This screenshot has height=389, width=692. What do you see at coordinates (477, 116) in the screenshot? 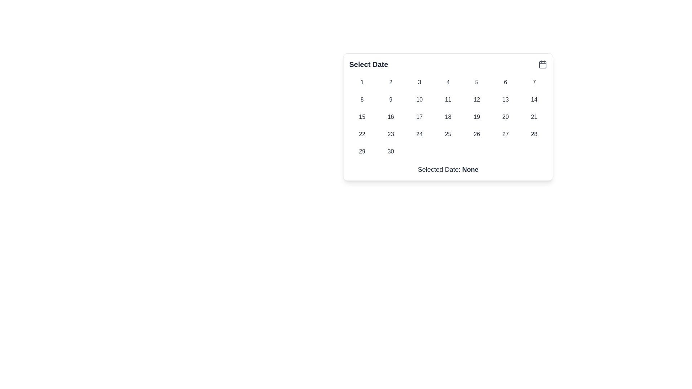
I see `the button displaying the number '19' in the calendar interface` at bounding box center [477, 116].